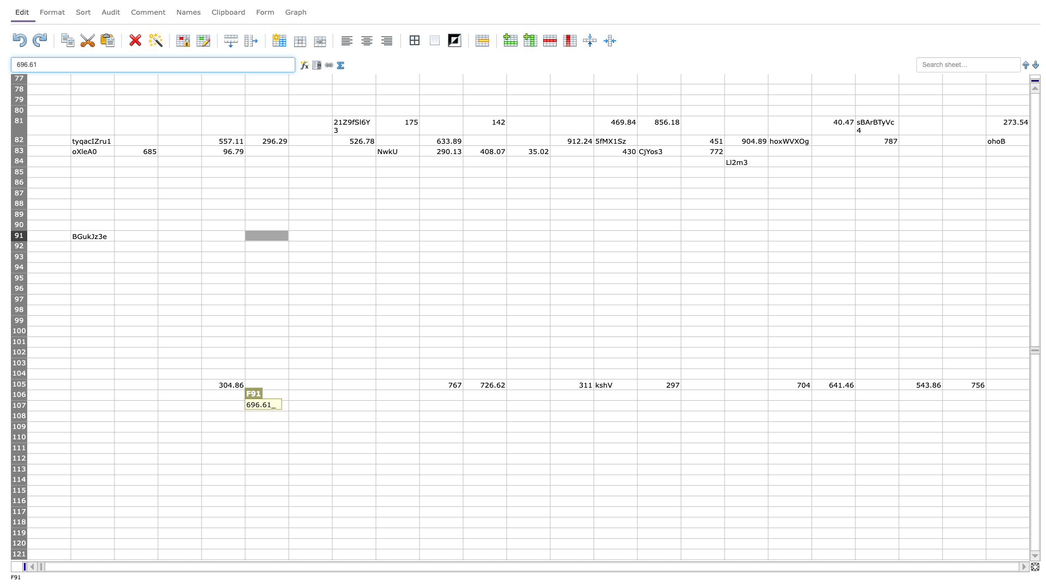 Image resolution: width=1046 pixels, height=588 pixels. What do you see at coordinates (331, 406) in the screenshot?
I see `right border at column G row 107` at bounding box center [331, 406].